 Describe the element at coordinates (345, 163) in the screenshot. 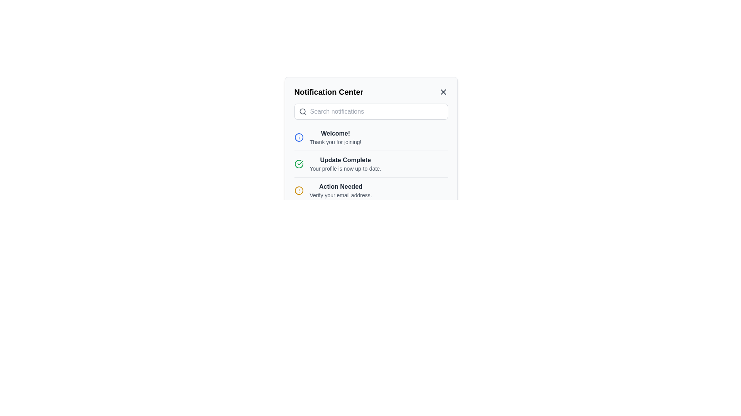

I see `the textual notification indicating that the user's profile has been successfully updated, located in the notification list under 'Notification Center.'` at that location.